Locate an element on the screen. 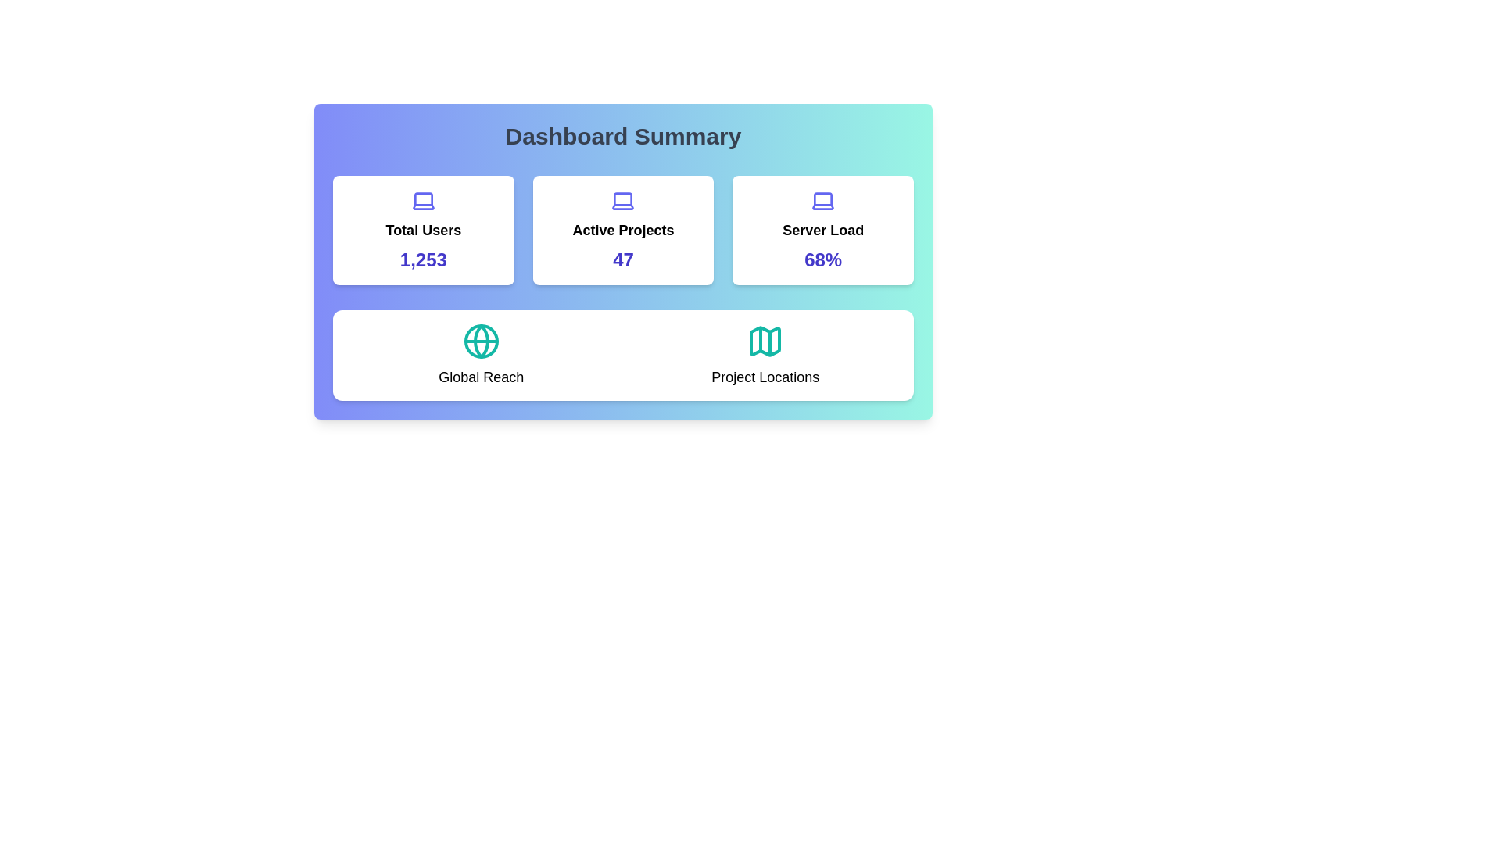  the informational card displaying the total user count '1,253' is located at coordinates (423, 230).